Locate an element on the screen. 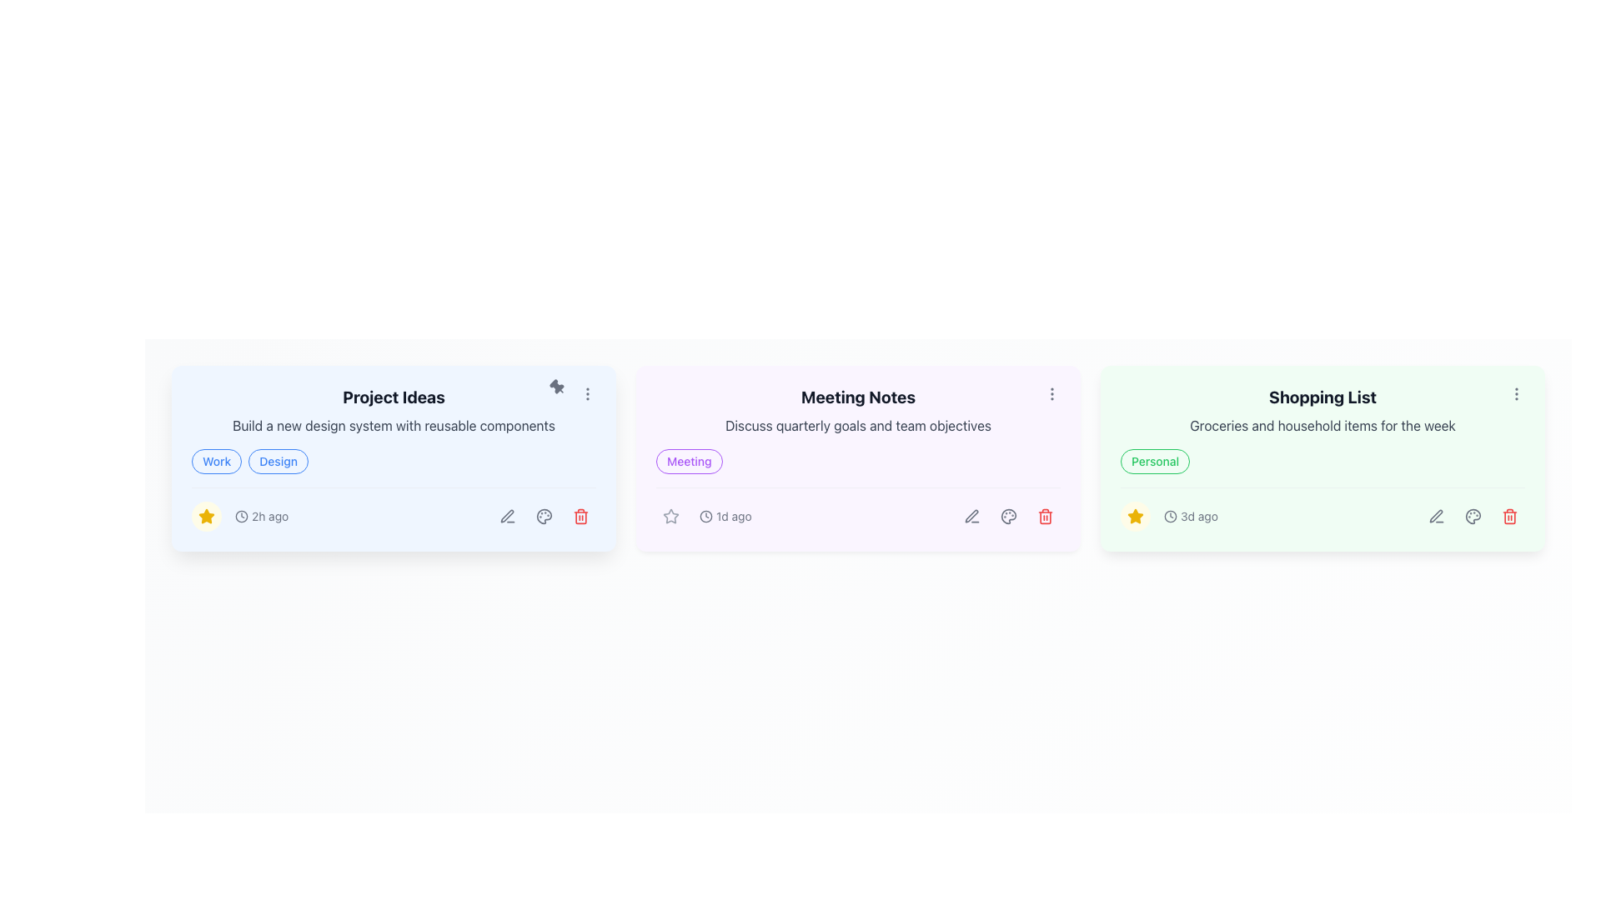  the text label displaying 'Discuss quarterly goals and team objectives', which is styled in gray and positioned under the 'Meeting Notes' header in a card layout is located at coordinates (858, 424).